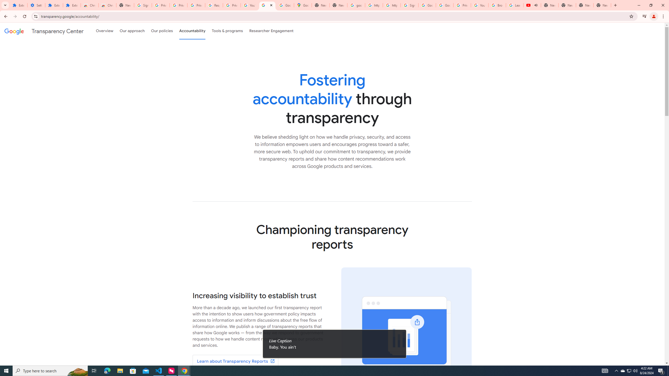  What do you see at coordinates (644, 16) in the screenshot?
I see `'Control your music, videos, and more'` at bounding box center [644, 16].